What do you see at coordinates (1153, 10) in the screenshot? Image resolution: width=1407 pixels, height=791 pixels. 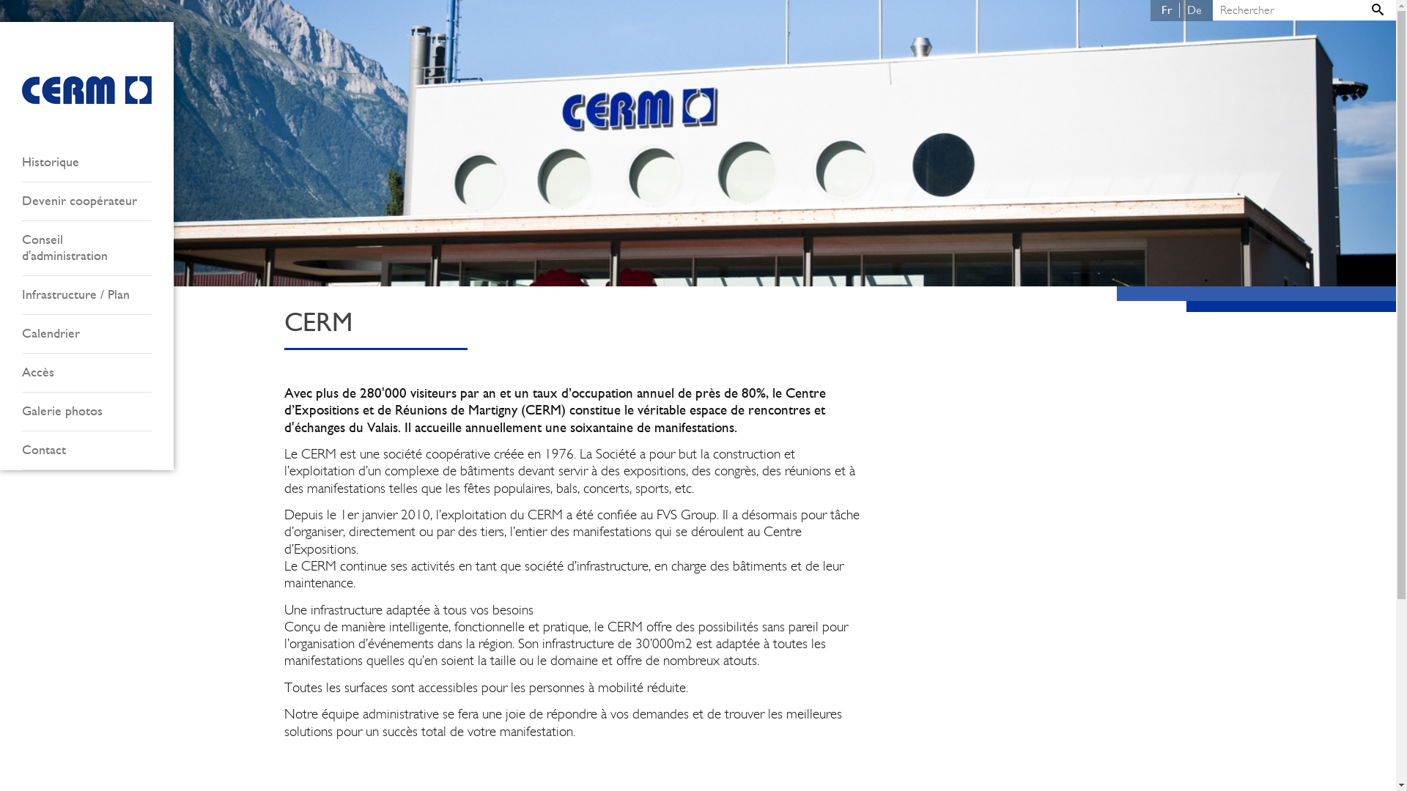 I see `'Fr'` at bounding box center [1153, 10].